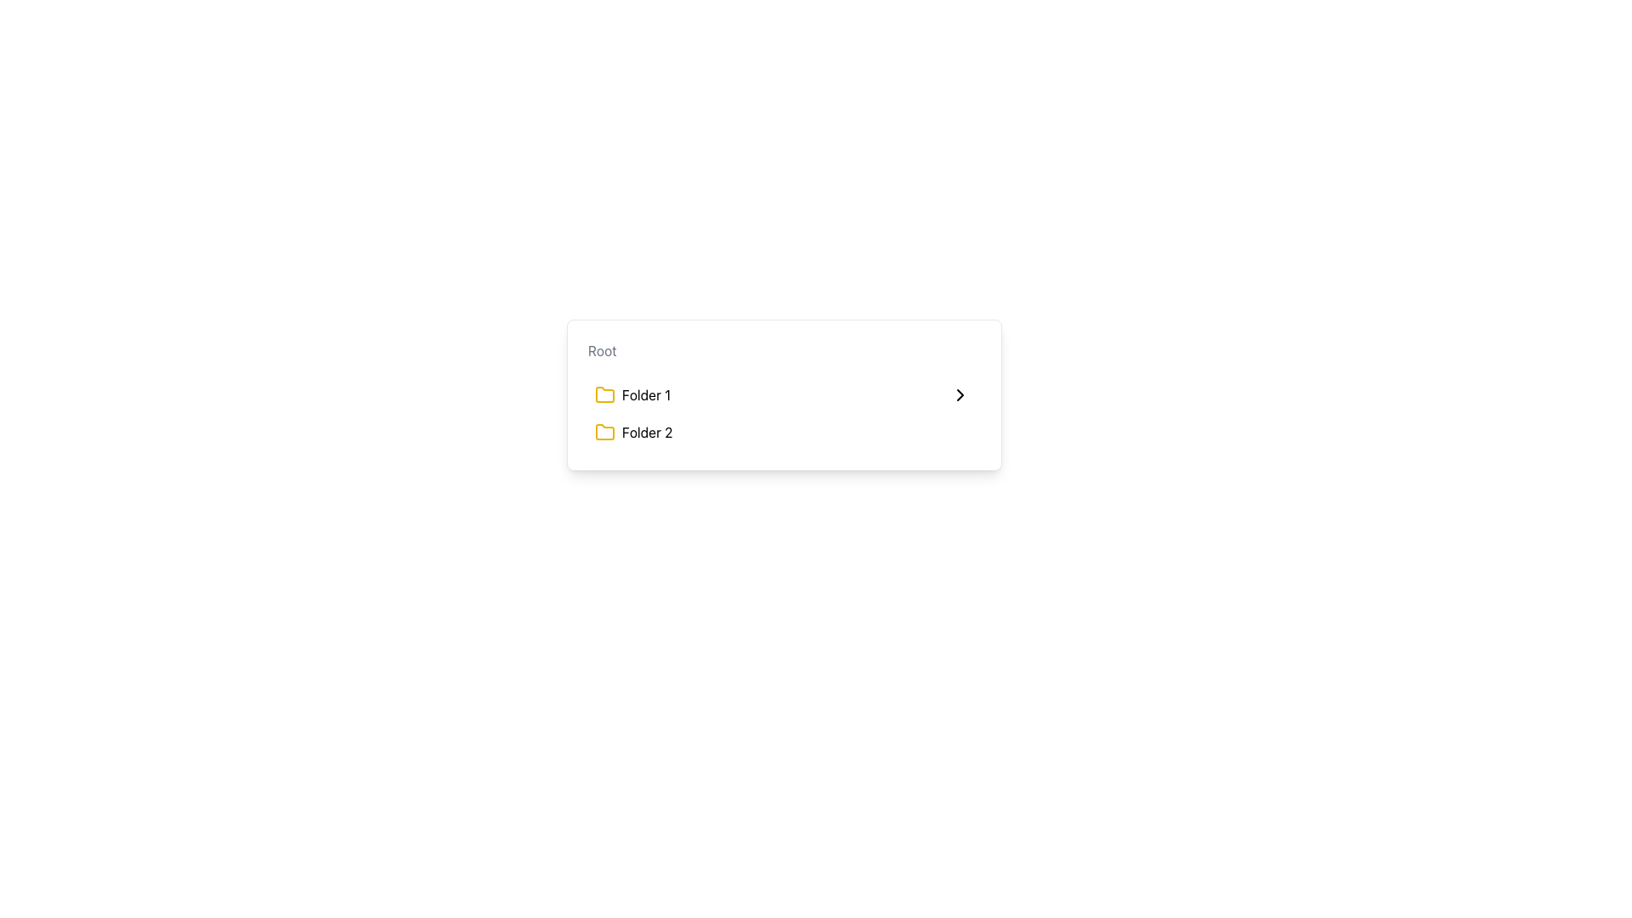 This screenshot has width=1632, height=918. What do you see at coordinates (604, 431) in the screenshot?
I see `the folder icon labeled 'Folder 2' in the SVG graphic, which is the second folder in a vertical list of folder icons under the section titled 'Root'` at bounding box center [604, 431].